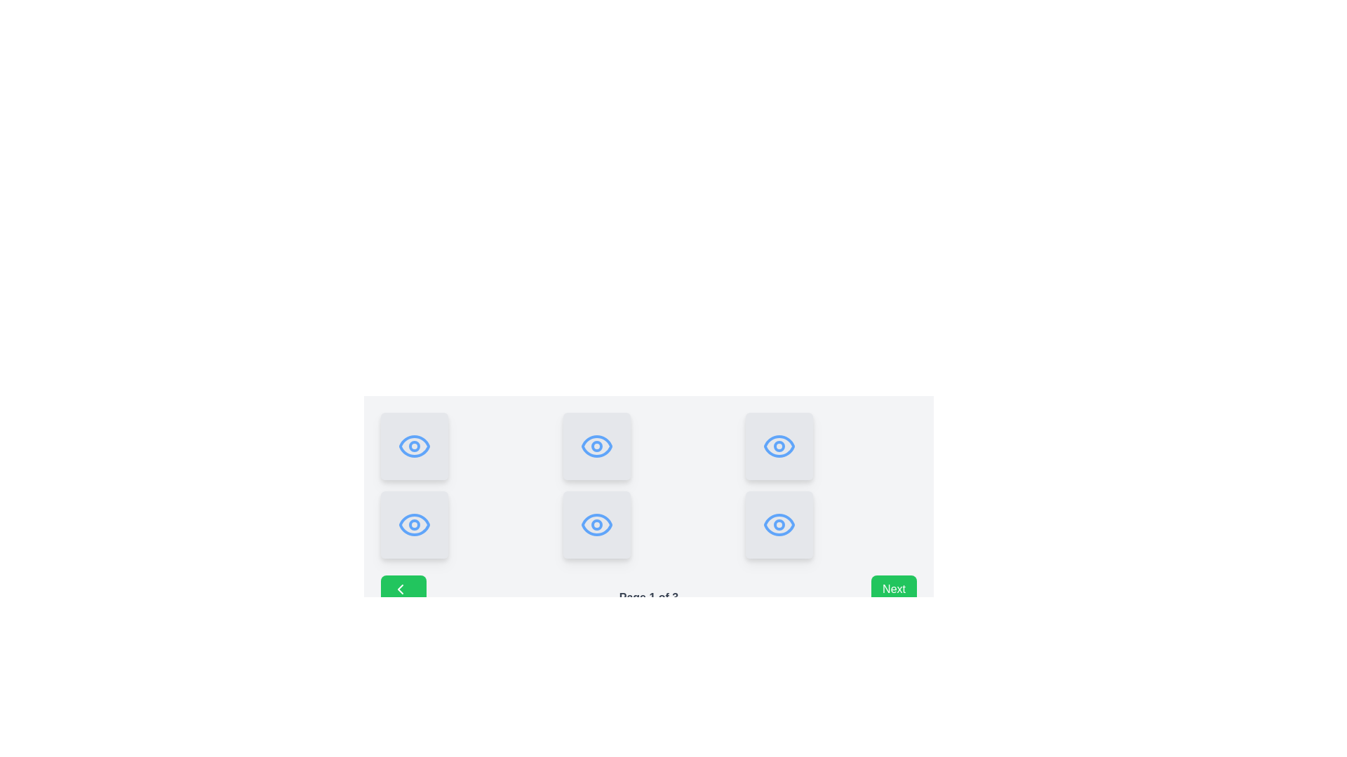  Describe the element at coordinates (413, 446) in the screenshot. I see `the state of the eye icon, which represents visibility, located in the top-left rounded gray box of a 2x3 grid` at that location.